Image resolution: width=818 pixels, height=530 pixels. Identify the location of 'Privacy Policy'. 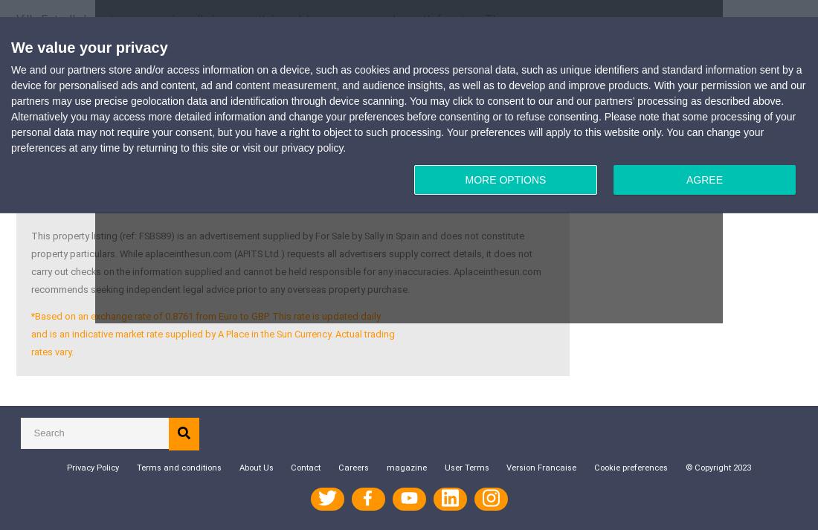
(91, 467).